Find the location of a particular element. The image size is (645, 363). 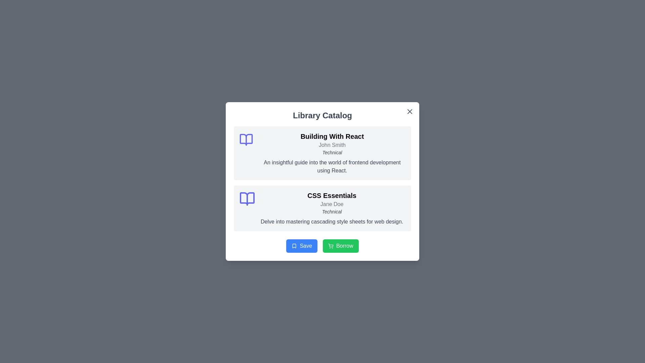

the text display element that shows the name 'Jane Doe', which is styled in gray and is located directly below the heading 'CSS Essentials' in the 'Library Catalog' interface is located at coordinates (332, 204).